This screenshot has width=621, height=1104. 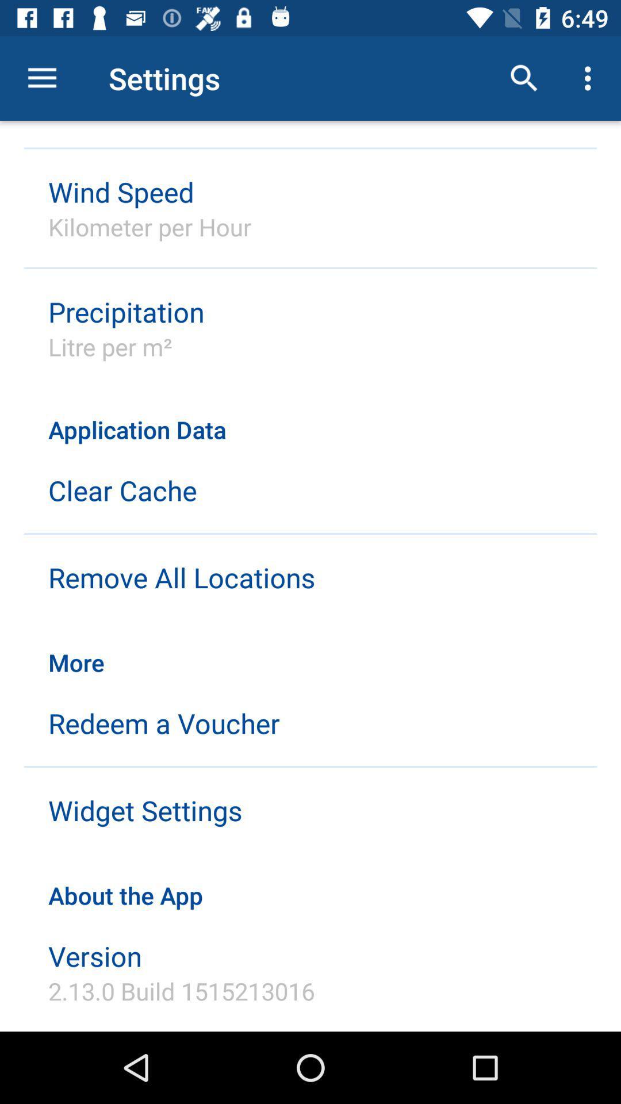 I want to click on the icon above application data item, so click(x=524, y=78).